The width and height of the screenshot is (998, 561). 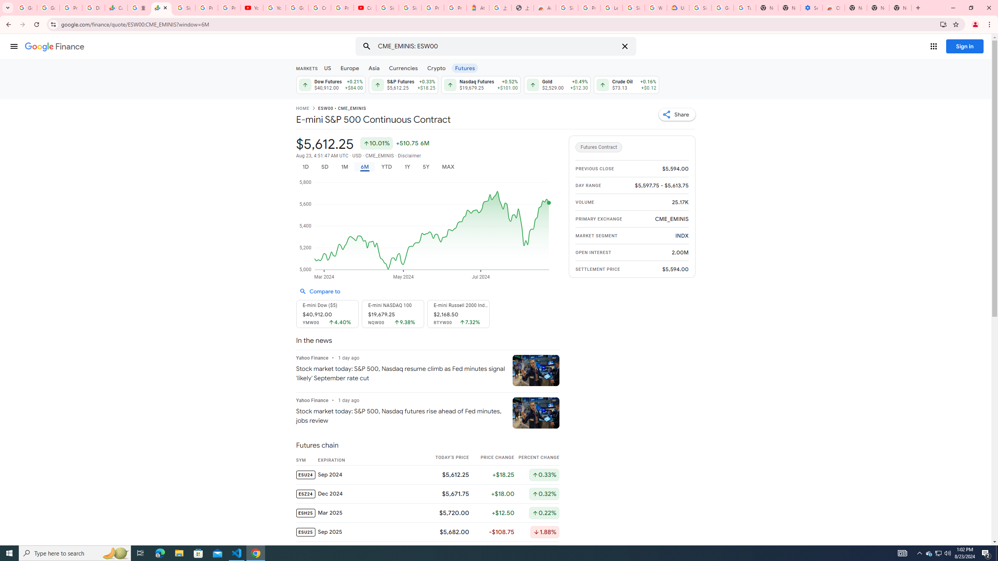 I want to click on 'Europe', so click(x=349, y=67).